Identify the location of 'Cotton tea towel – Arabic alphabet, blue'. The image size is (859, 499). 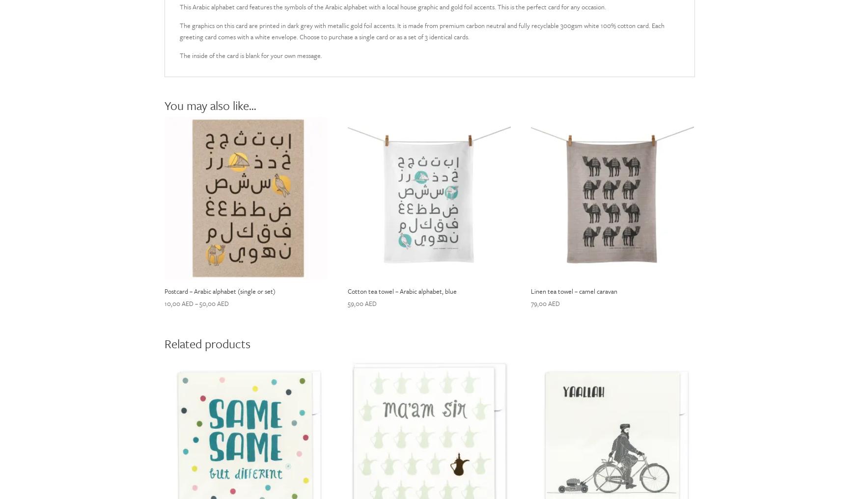
(346, 291).